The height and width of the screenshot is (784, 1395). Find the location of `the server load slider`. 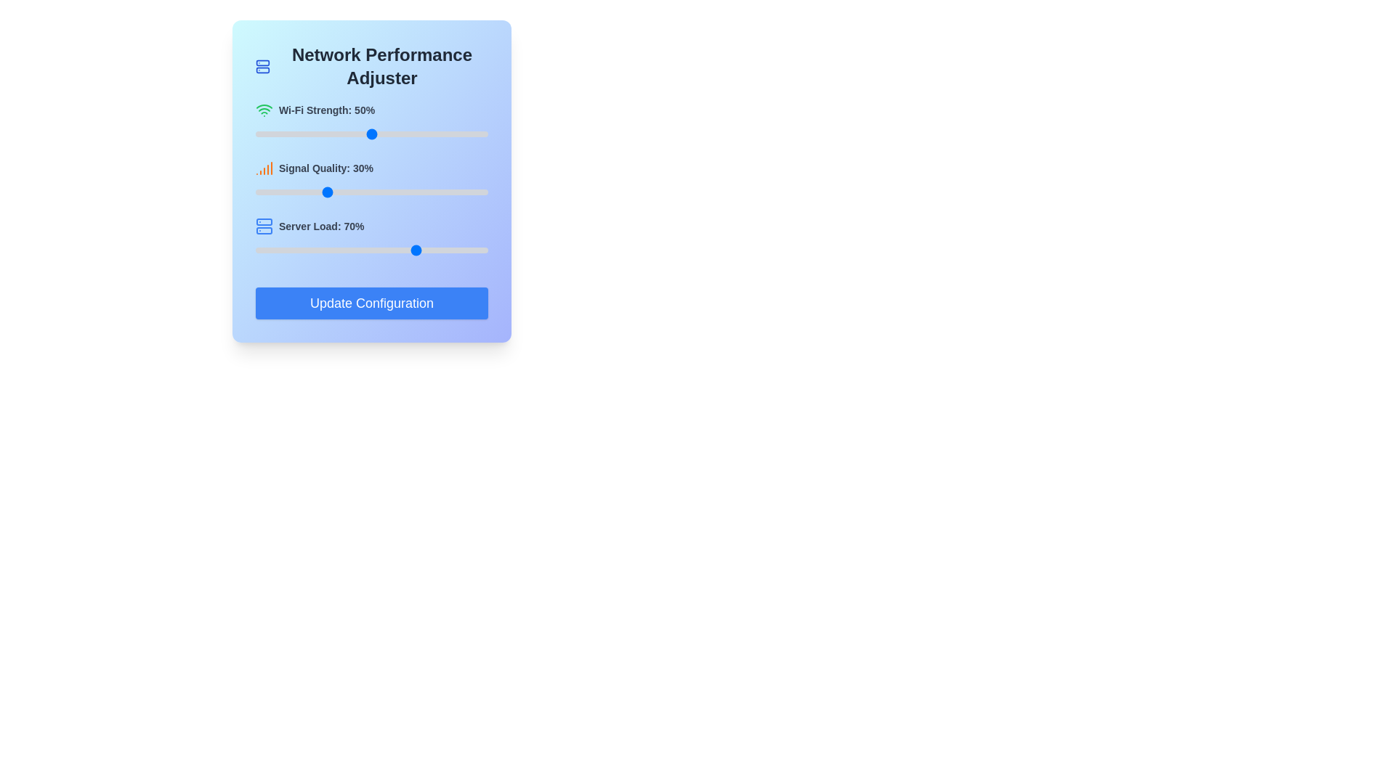

the server load slider is located at coordinates (329, 249).